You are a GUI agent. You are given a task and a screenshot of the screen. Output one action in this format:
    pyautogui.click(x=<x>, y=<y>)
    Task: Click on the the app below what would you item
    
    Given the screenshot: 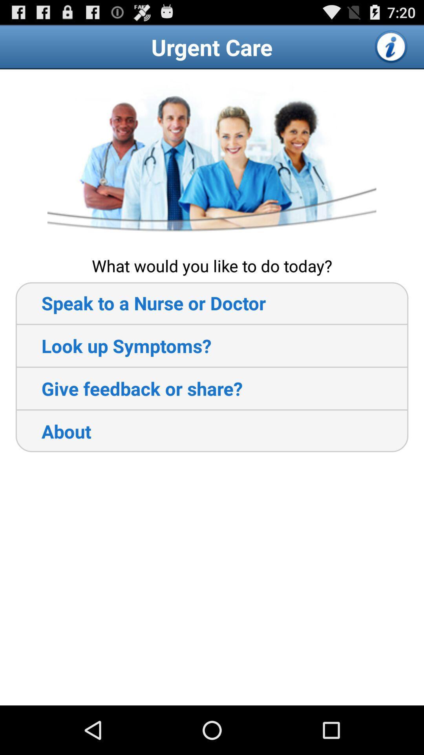 What is the action you would take?
    pyautogui.click(x=140, y=302)
    